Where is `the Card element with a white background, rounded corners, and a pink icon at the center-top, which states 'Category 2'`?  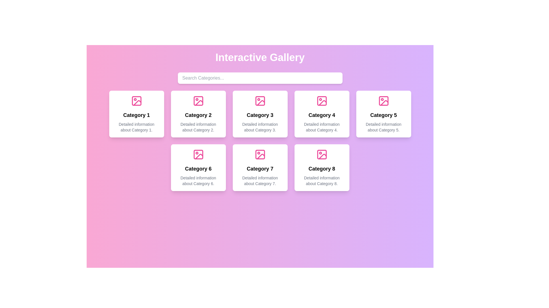
the Card element with a white background, rounded corners, and a pink icon at the center-top, which states 'Category 2' is located at coordinates (198, 114).